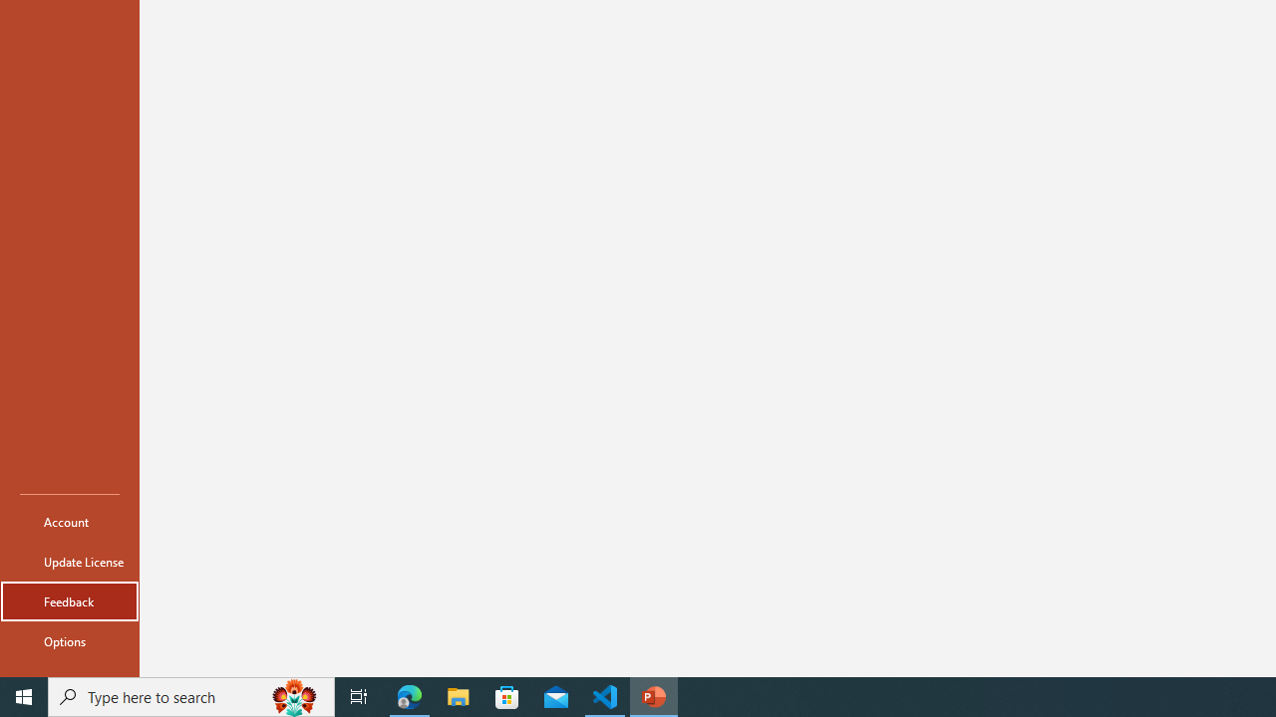 Image resolution: width=1276 pixels, height=717 pixels. Describe the element at coordinates (69, 641) in the screenshot. I see `'Options'` at that location.